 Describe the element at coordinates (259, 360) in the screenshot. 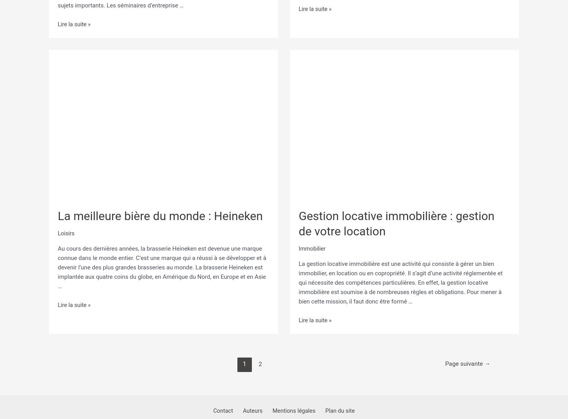

I see `'2'` at that location.